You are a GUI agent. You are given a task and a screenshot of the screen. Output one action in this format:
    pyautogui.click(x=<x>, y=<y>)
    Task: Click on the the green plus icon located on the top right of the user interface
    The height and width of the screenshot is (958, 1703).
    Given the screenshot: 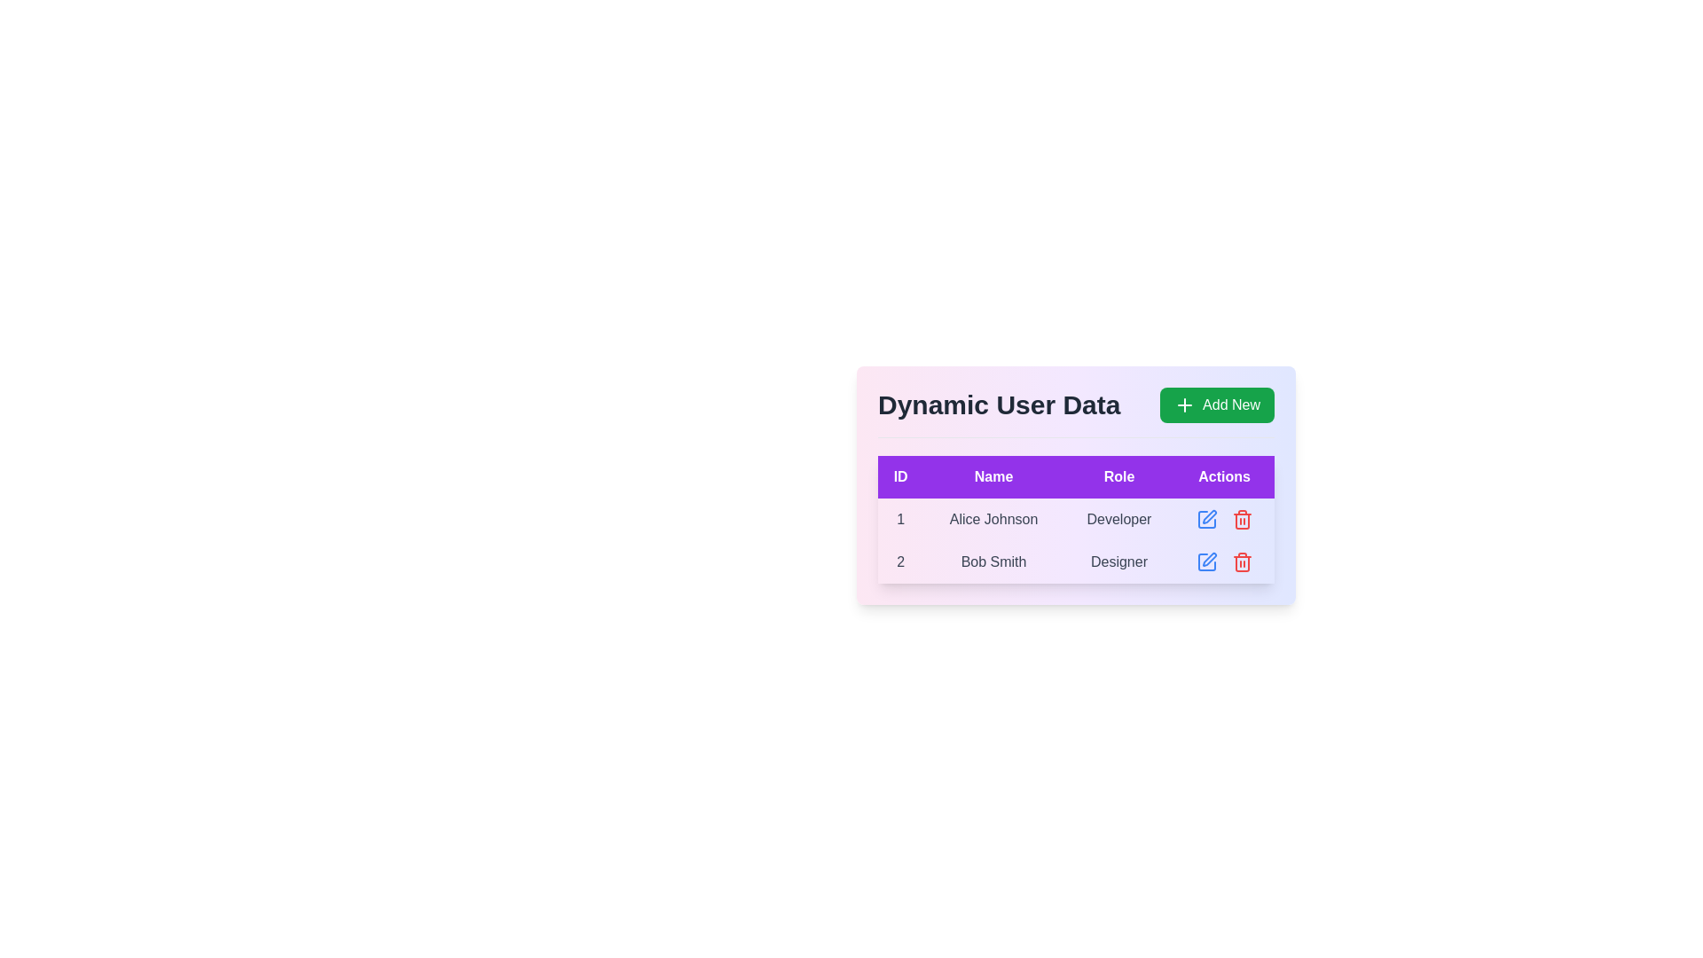 What is the action you would take?
    pyautogui.click(x=1185, y=404)
    